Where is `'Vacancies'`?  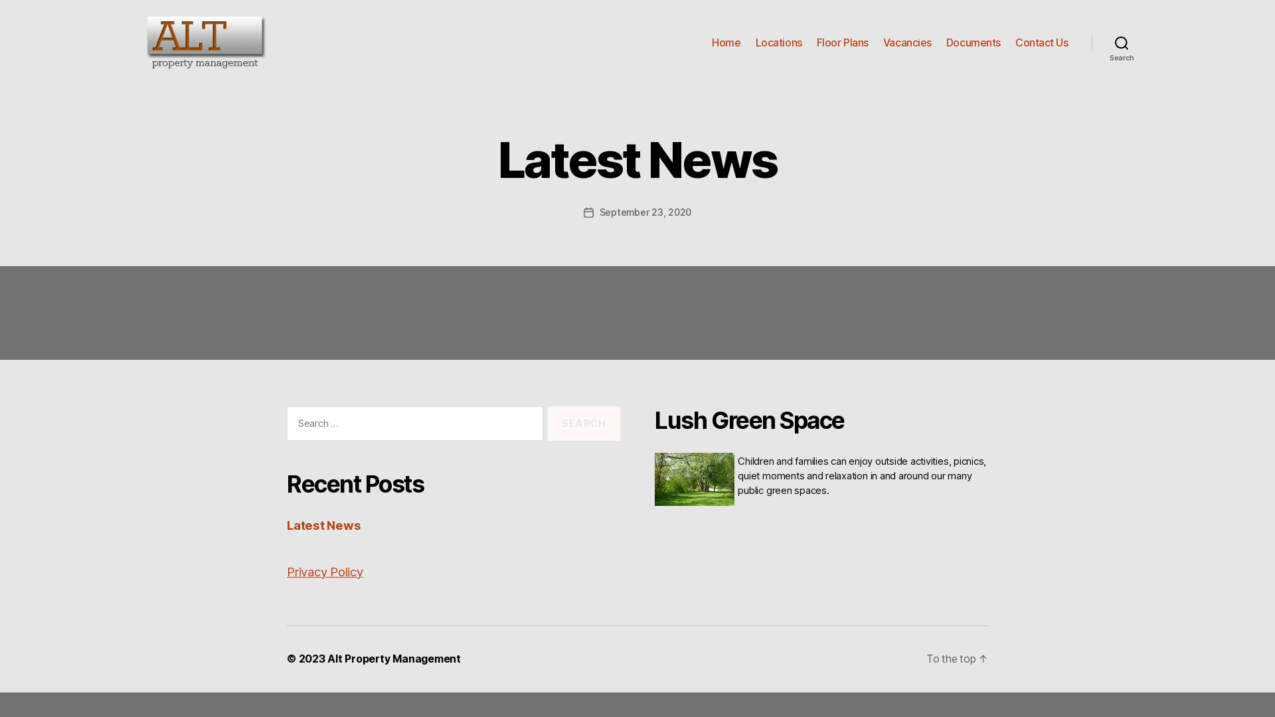 'Vacancies' is located at coordinates (883, 42).